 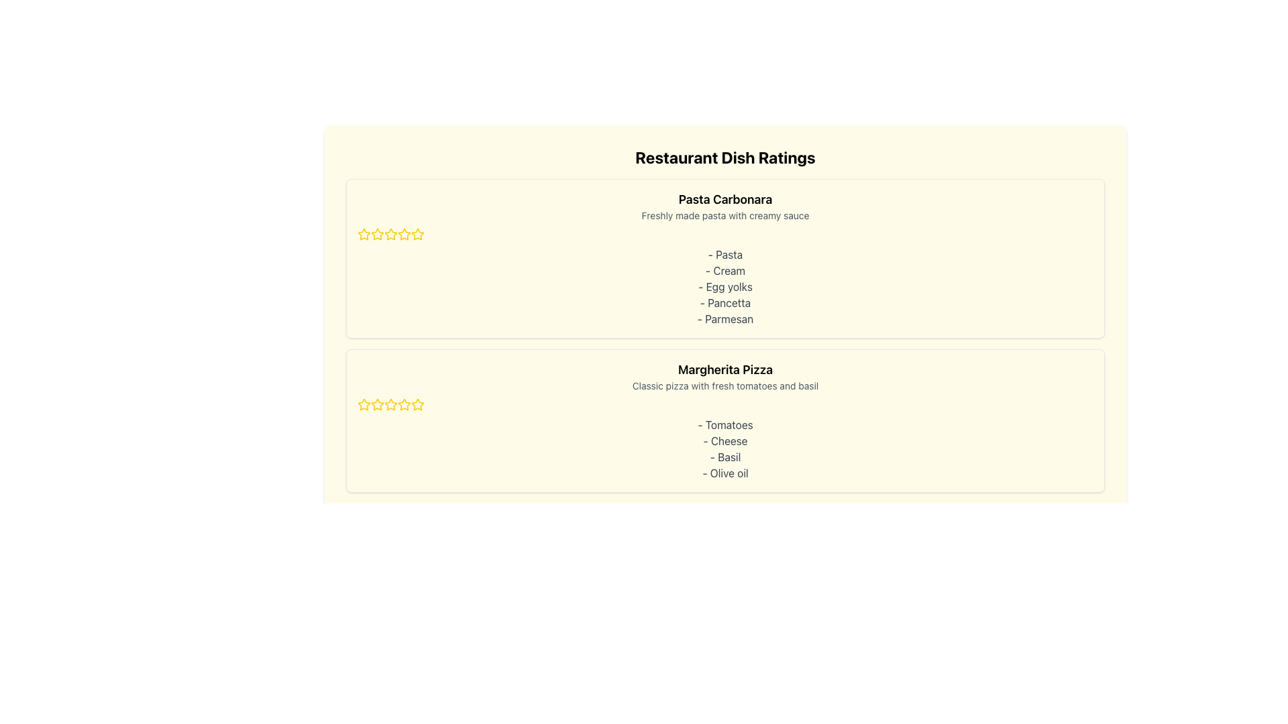 What do you see at coordinates (724, 318) in the screenshot?
I see `the static text element displaying '- Parmesan' located in the 'Pasta Carbonara' section, which is the fifth item in the list of ingredients` at bounding box center [724, 318].